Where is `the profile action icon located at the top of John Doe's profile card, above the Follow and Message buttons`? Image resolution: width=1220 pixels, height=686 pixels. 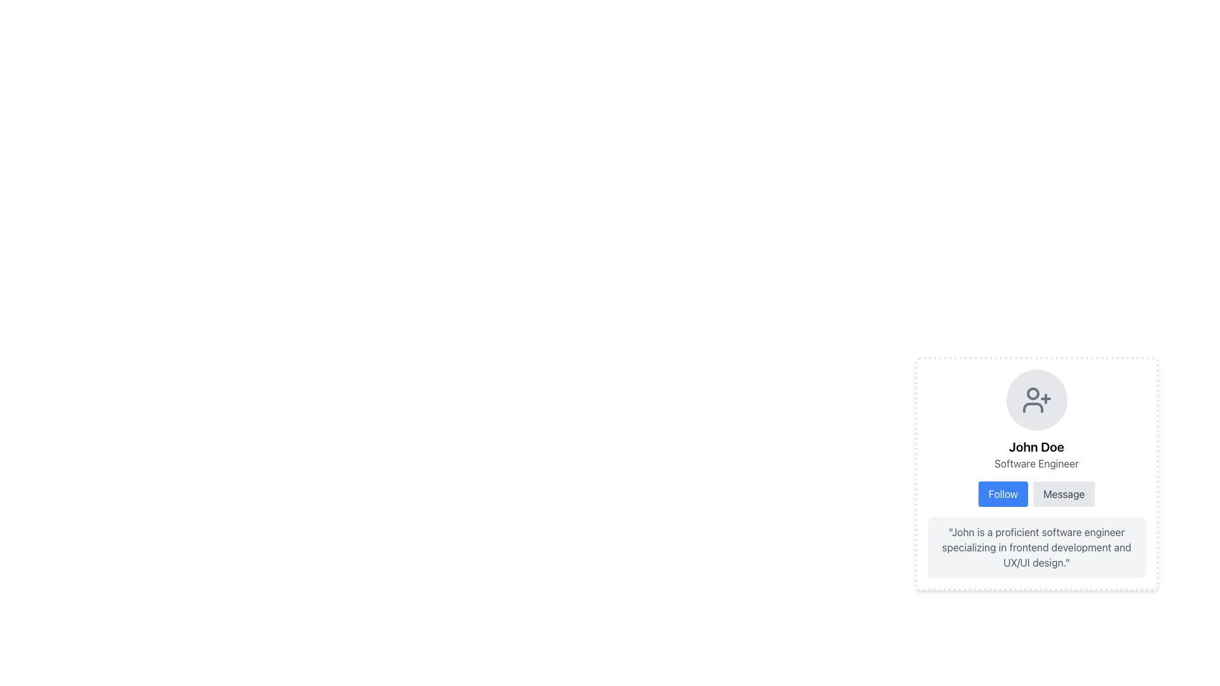 the profile action icon located at the top of John Doe's profile card, above the Follow and Message buttons is located at coordinates (1036, 399).